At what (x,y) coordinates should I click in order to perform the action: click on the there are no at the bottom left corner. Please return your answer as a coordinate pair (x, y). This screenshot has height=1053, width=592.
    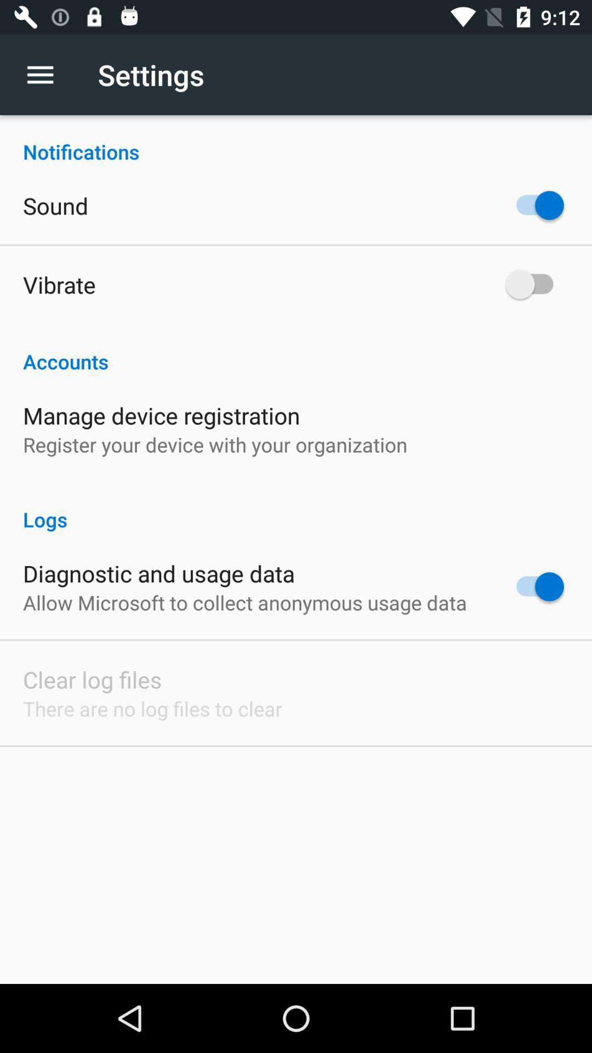
    Looking at the image, I should click on (152, 709).